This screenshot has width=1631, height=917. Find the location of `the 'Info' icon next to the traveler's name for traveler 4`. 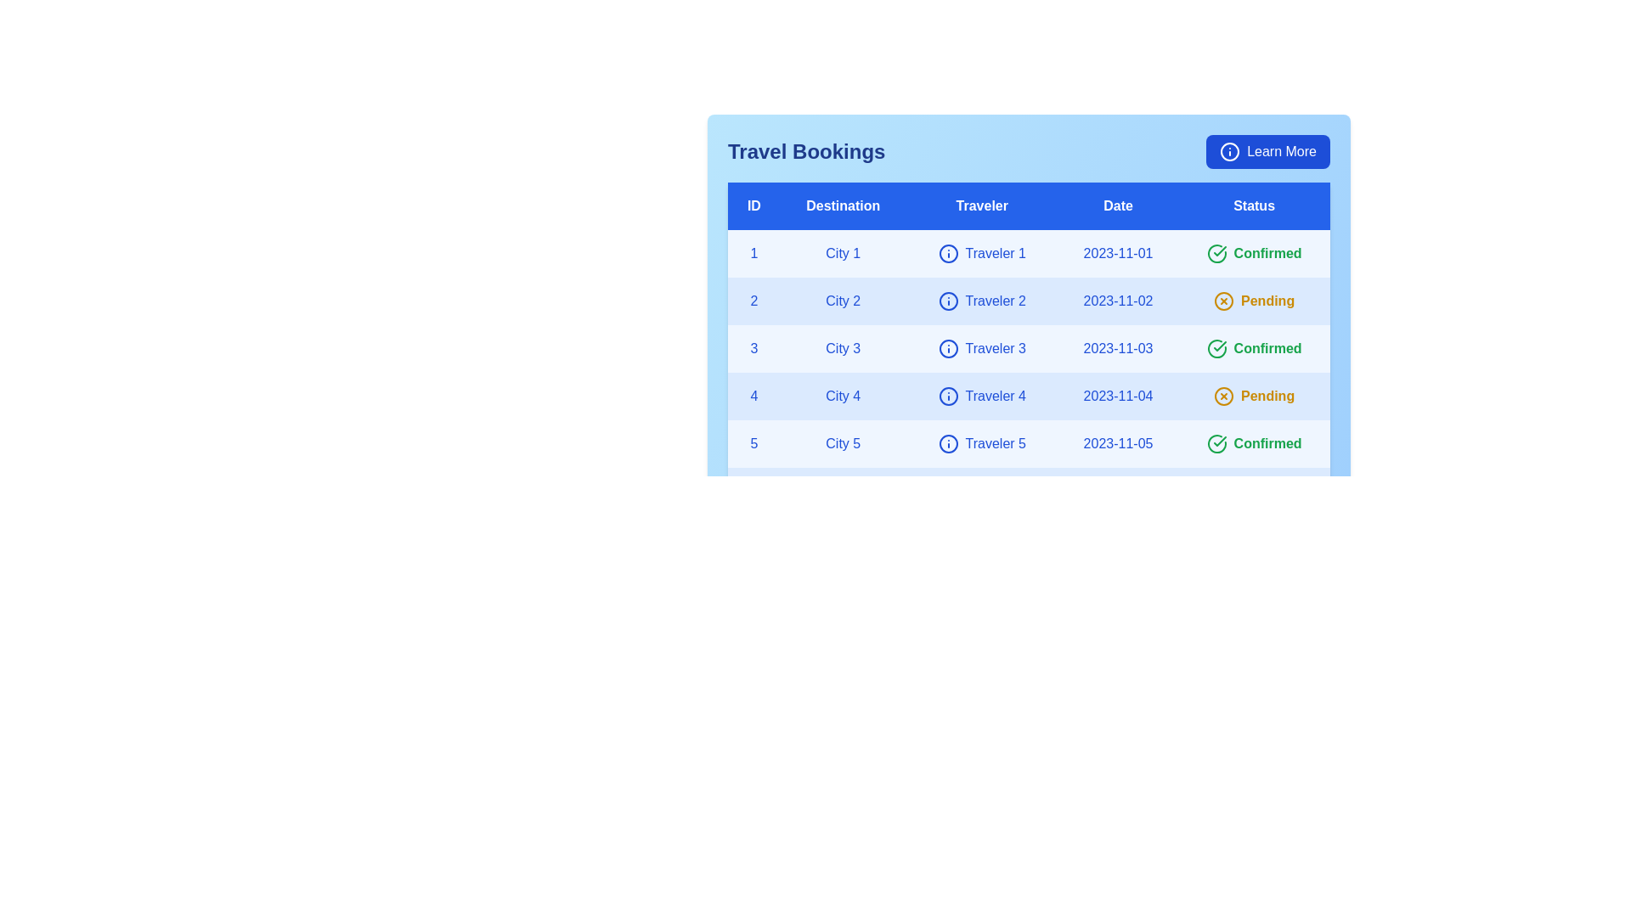

the 'Info' icon next to the traveler's name for traveler 4 is located at coordinates (947, 396).